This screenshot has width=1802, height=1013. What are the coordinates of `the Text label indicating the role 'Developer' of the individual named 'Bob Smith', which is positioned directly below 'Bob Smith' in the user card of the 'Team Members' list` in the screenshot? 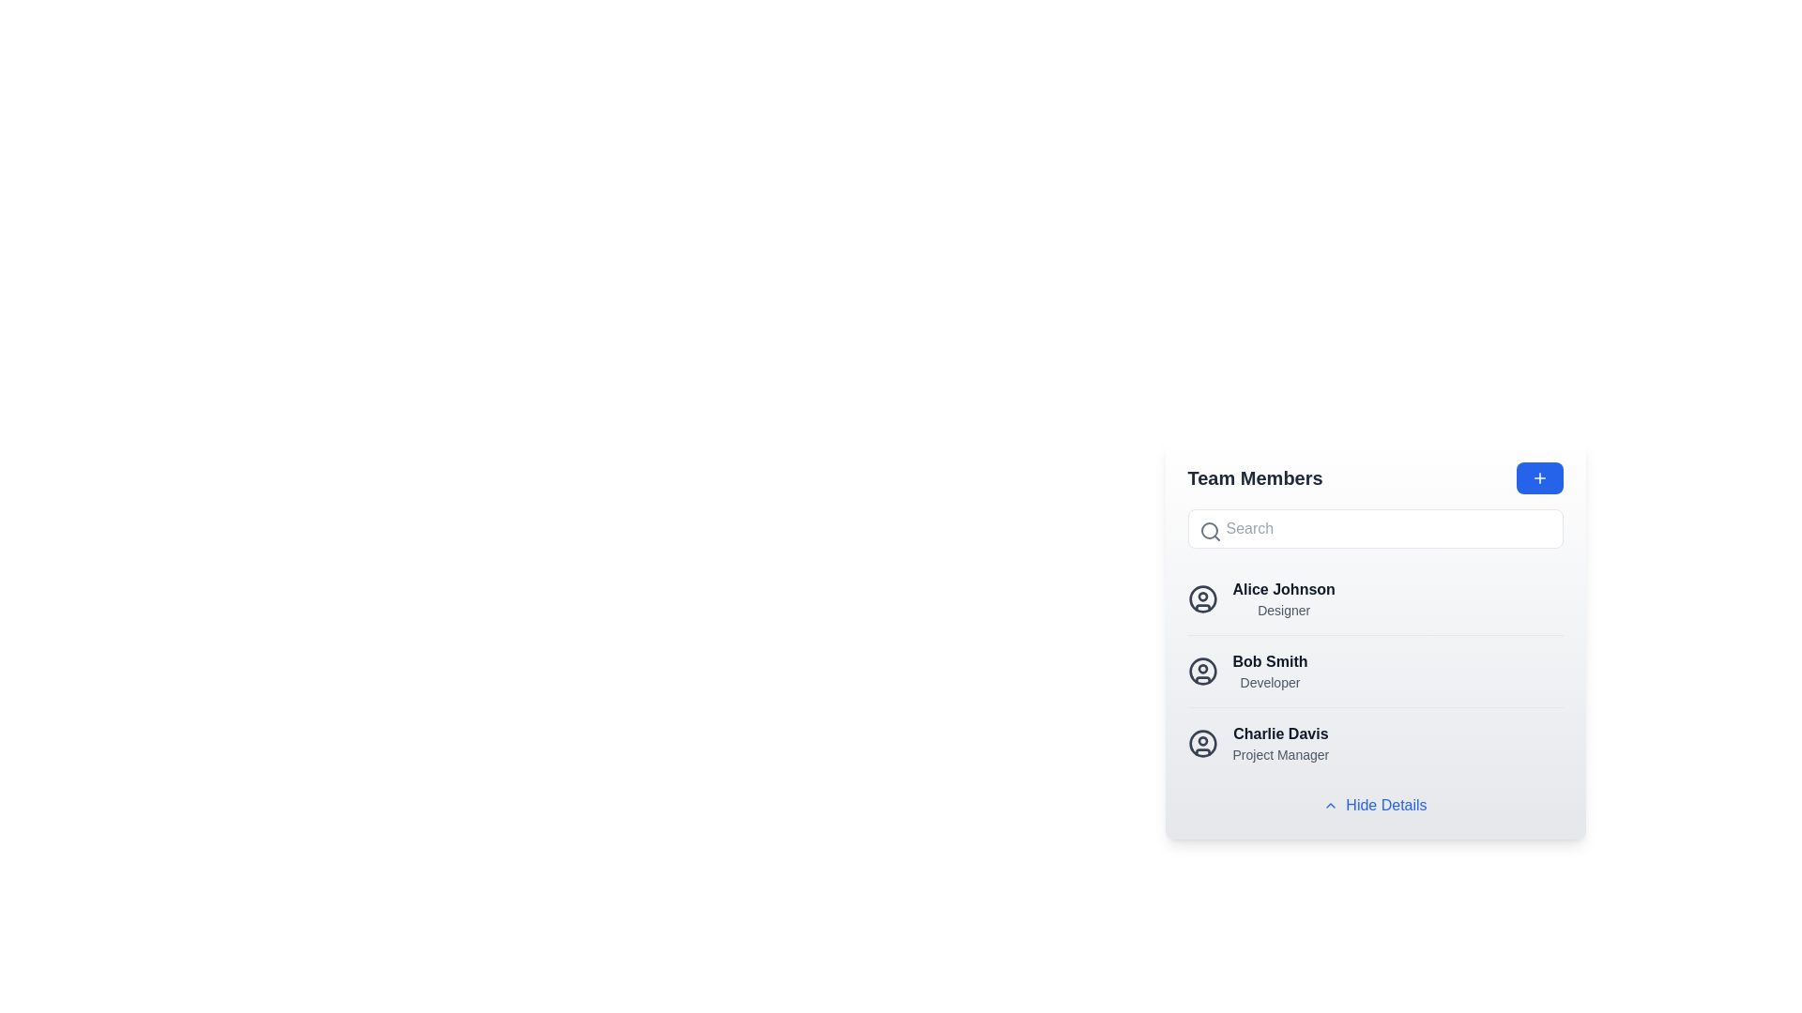 It's located at (1270, 683).